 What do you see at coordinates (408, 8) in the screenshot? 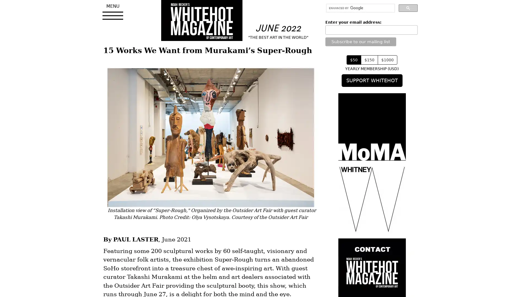
I see `search` at bounding box center [408, 8].